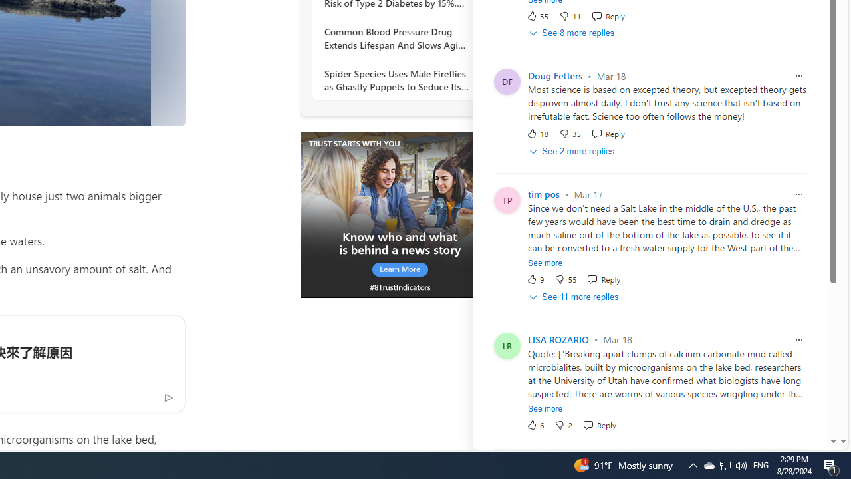  I want to click on 'Reply Reply Comment', so click(598, 424).